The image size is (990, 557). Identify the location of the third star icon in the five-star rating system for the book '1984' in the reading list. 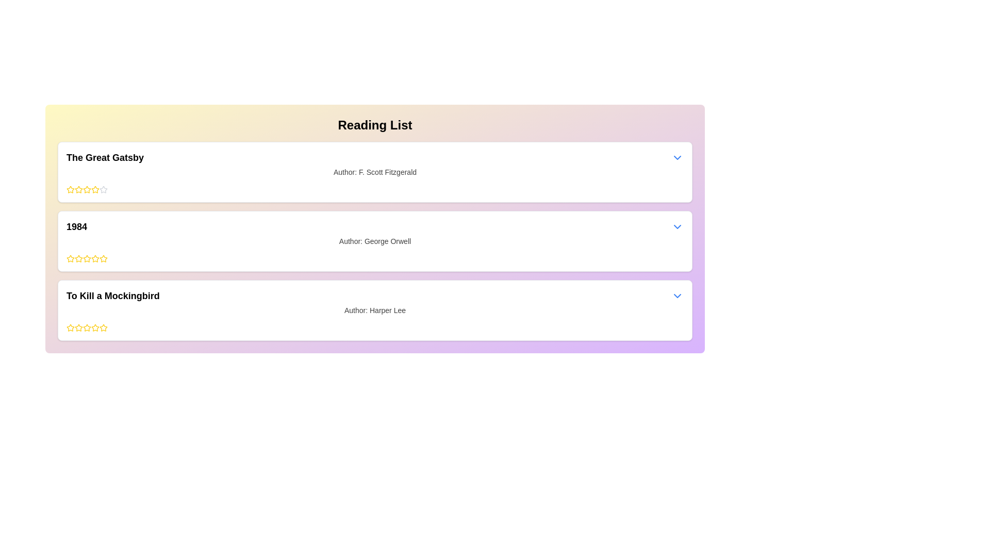
(95, 258).